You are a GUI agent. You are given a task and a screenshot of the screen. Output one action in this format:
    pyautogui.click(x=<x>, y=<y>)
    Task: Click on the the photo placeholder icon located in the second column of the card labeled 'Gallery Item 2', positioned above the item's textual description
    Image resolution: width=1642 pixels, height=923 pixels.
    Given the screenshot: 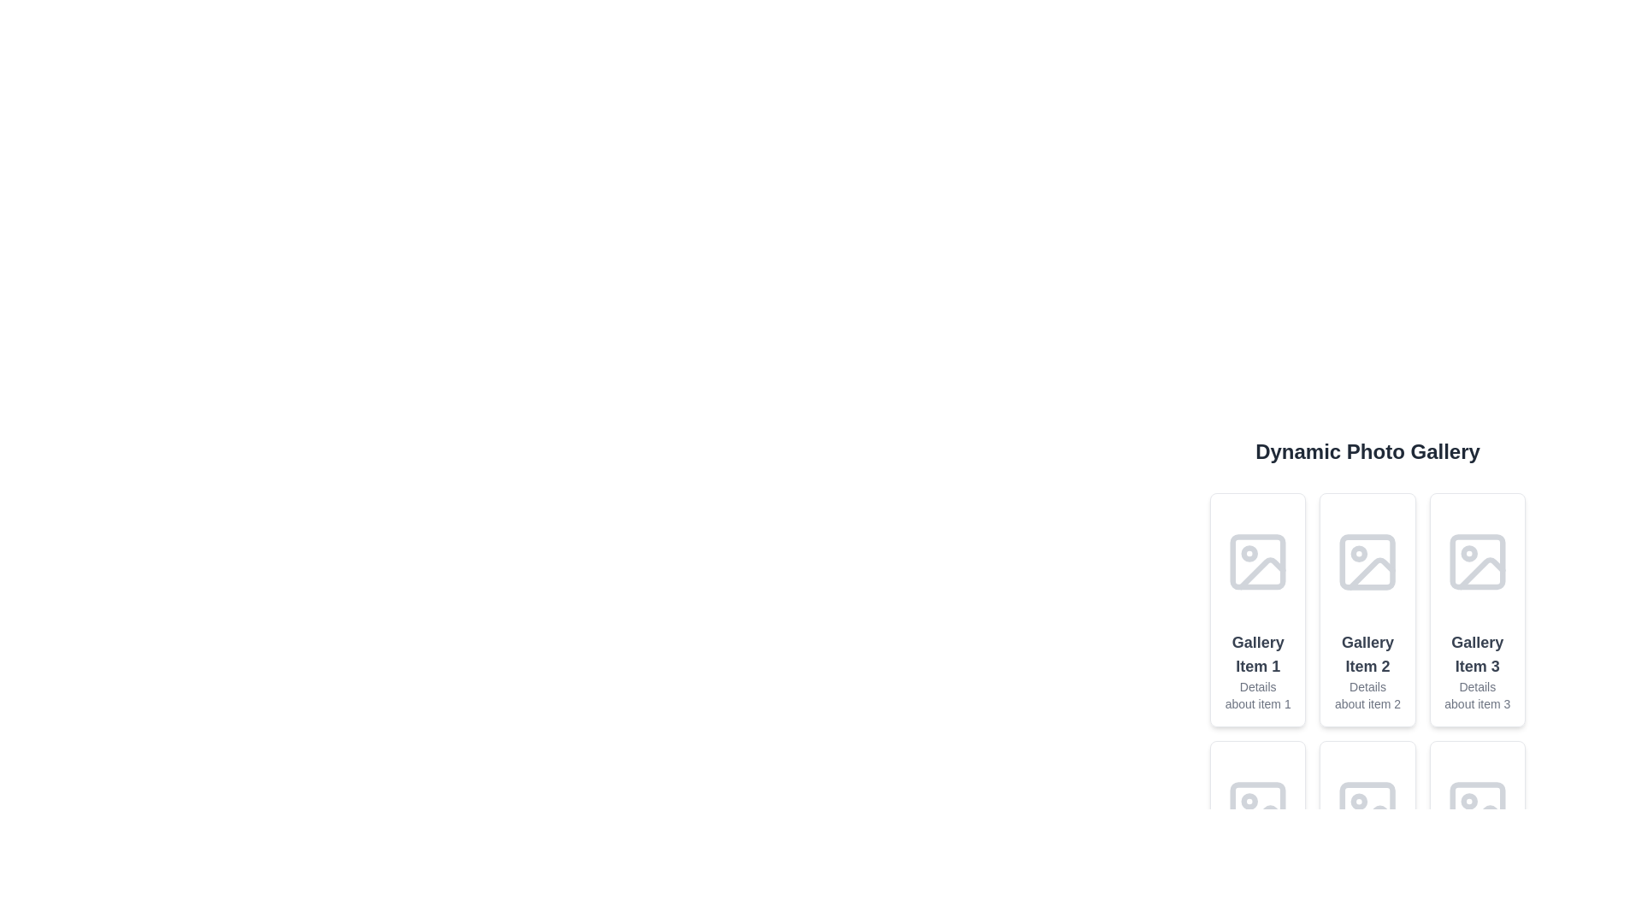 What is the action you would take?
    pyautogui.click(x=1367, y=562)
    